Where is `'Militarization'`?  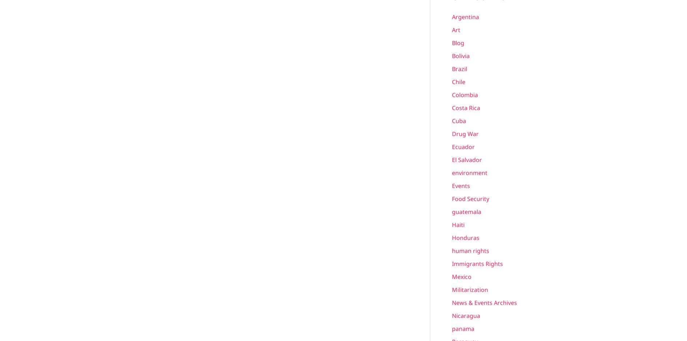 'Militarization' is located at coordinates (452, 289).